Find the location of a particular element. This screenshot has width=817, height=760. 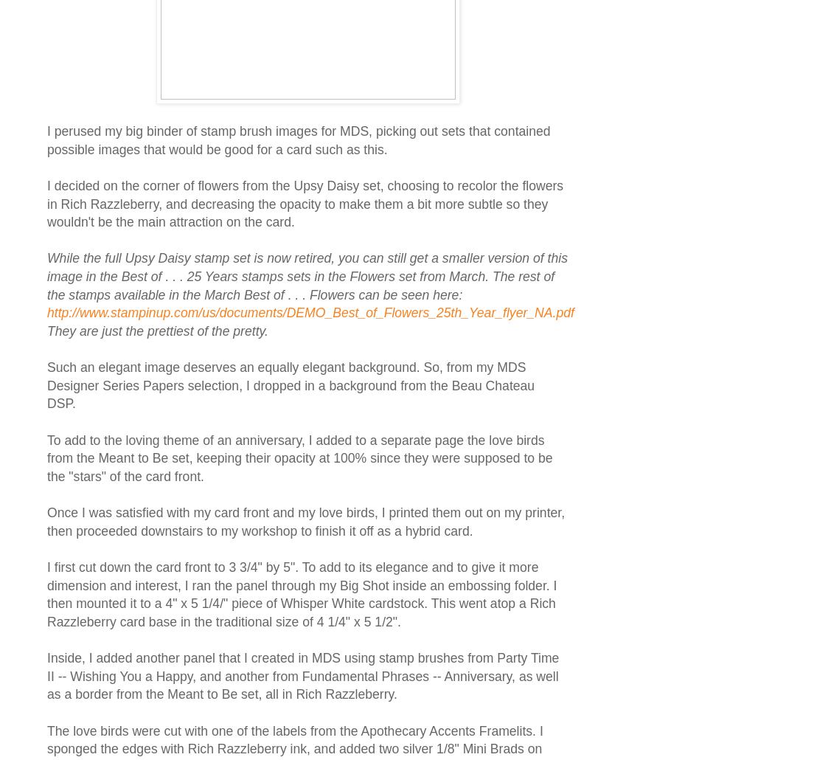

'I decided on the corner of flowers from the Upsy Daisy set, choosing to recolor the flowers in Rich Razzleberry, and decreasing the opacity to make them a bit more subtle so they wouldn't be the main attraction on the card.' is located at coordinates (46, 203).